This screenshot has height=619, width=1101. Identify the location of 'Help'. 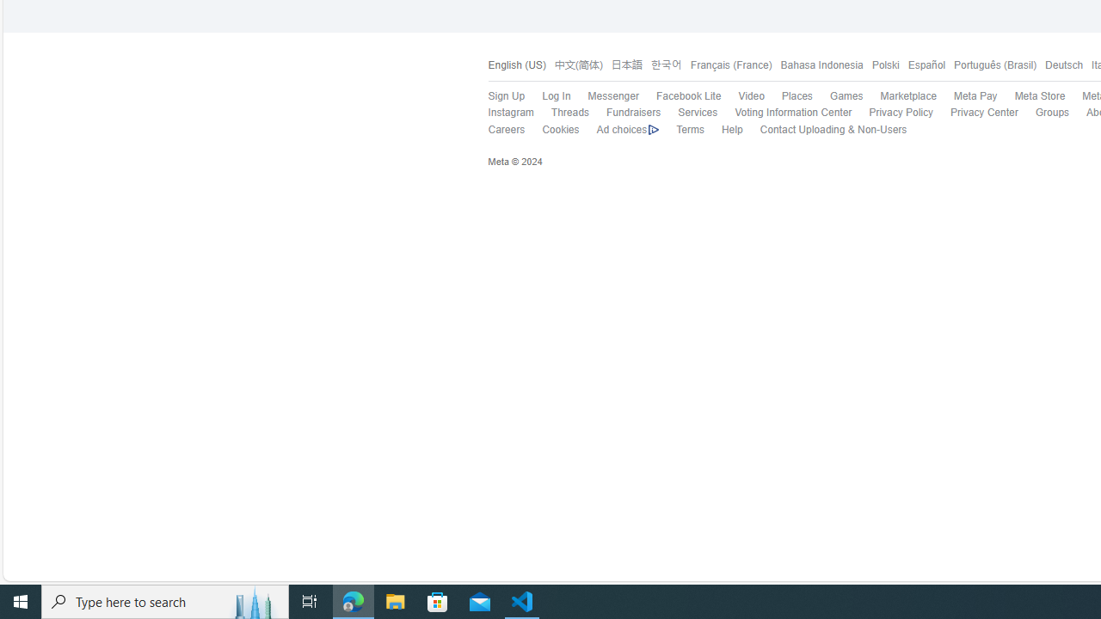
(723, 129).